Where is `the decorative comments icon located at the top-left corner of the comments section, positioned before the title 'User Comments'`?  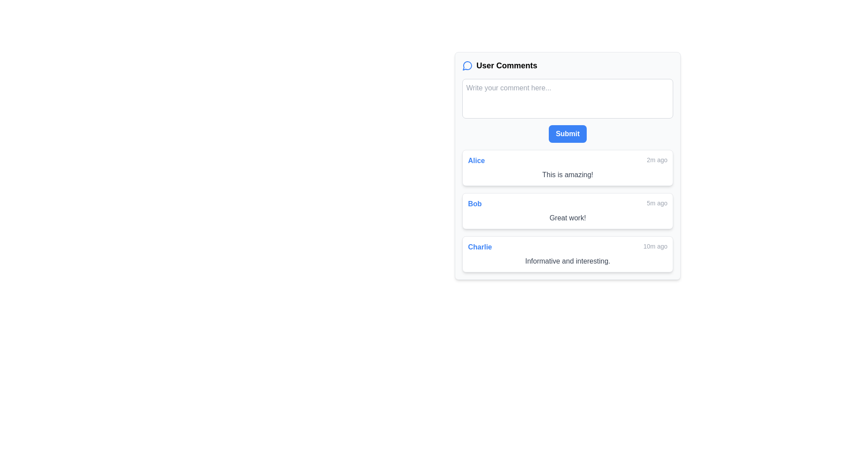 the decorative comments icon located at the top-left corner of the comments section, positioned before the title 'User Comments' is located at coordinates (467, 65).